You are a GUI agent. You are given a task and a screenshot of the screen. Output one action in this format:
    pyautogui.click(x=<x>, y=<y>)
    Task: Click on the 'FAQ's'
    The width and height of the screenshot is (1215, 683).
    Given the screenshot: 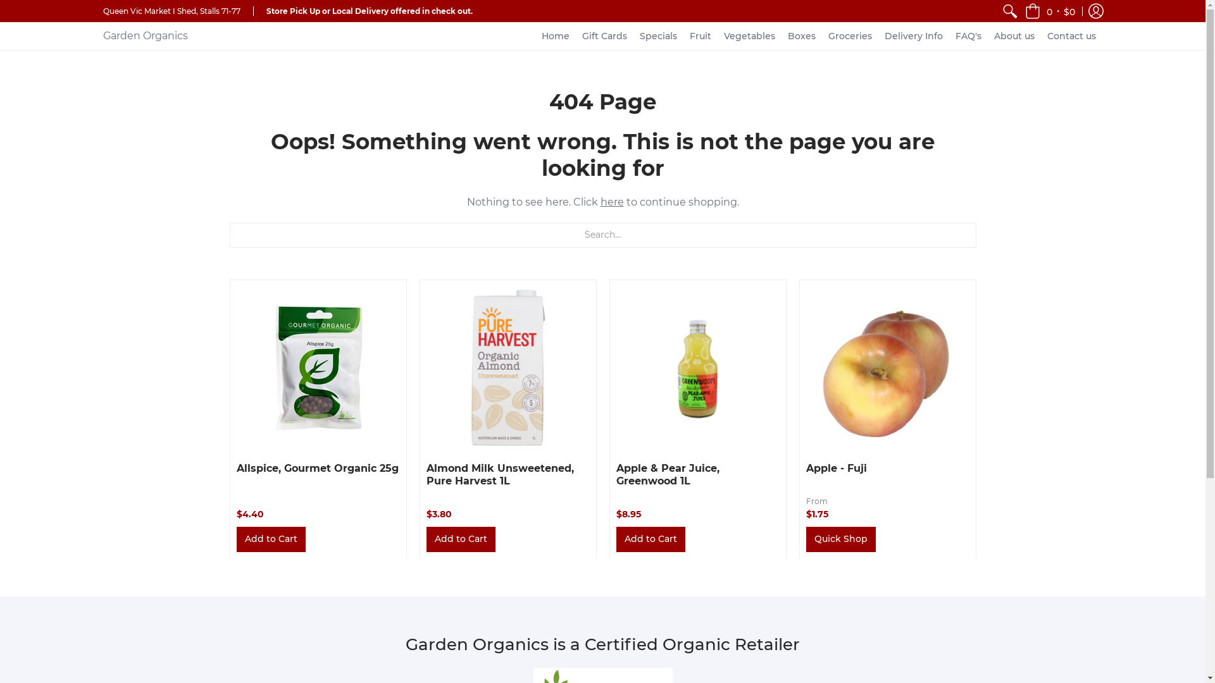 What is the action you would take?
    pyautogui.click(x=968, y=35)
    